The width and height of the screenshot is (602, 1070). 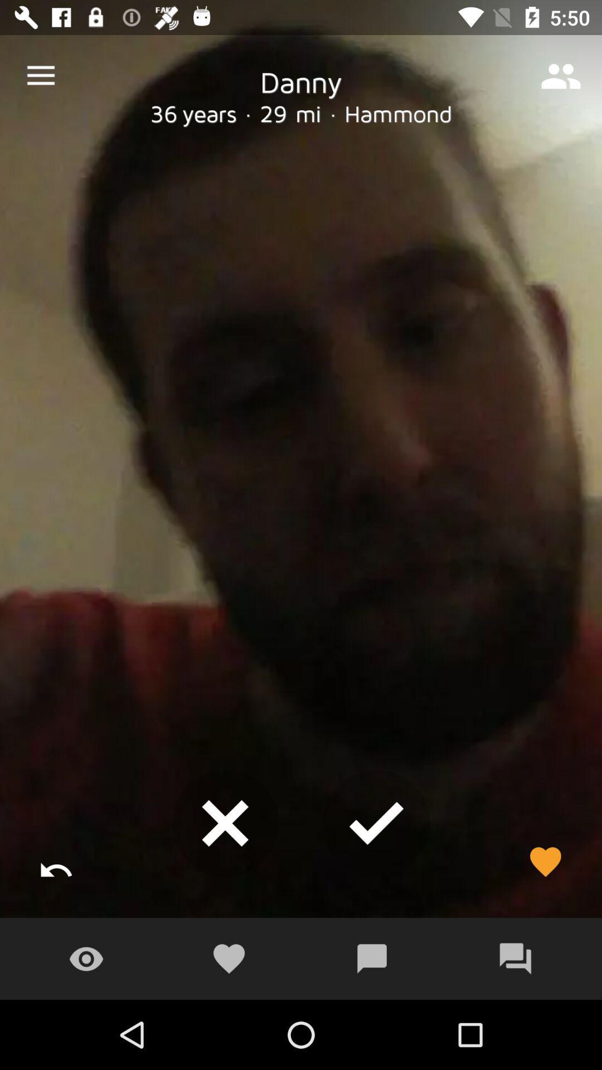 I want to click on the favorite icon, so click(x=545, y=861).